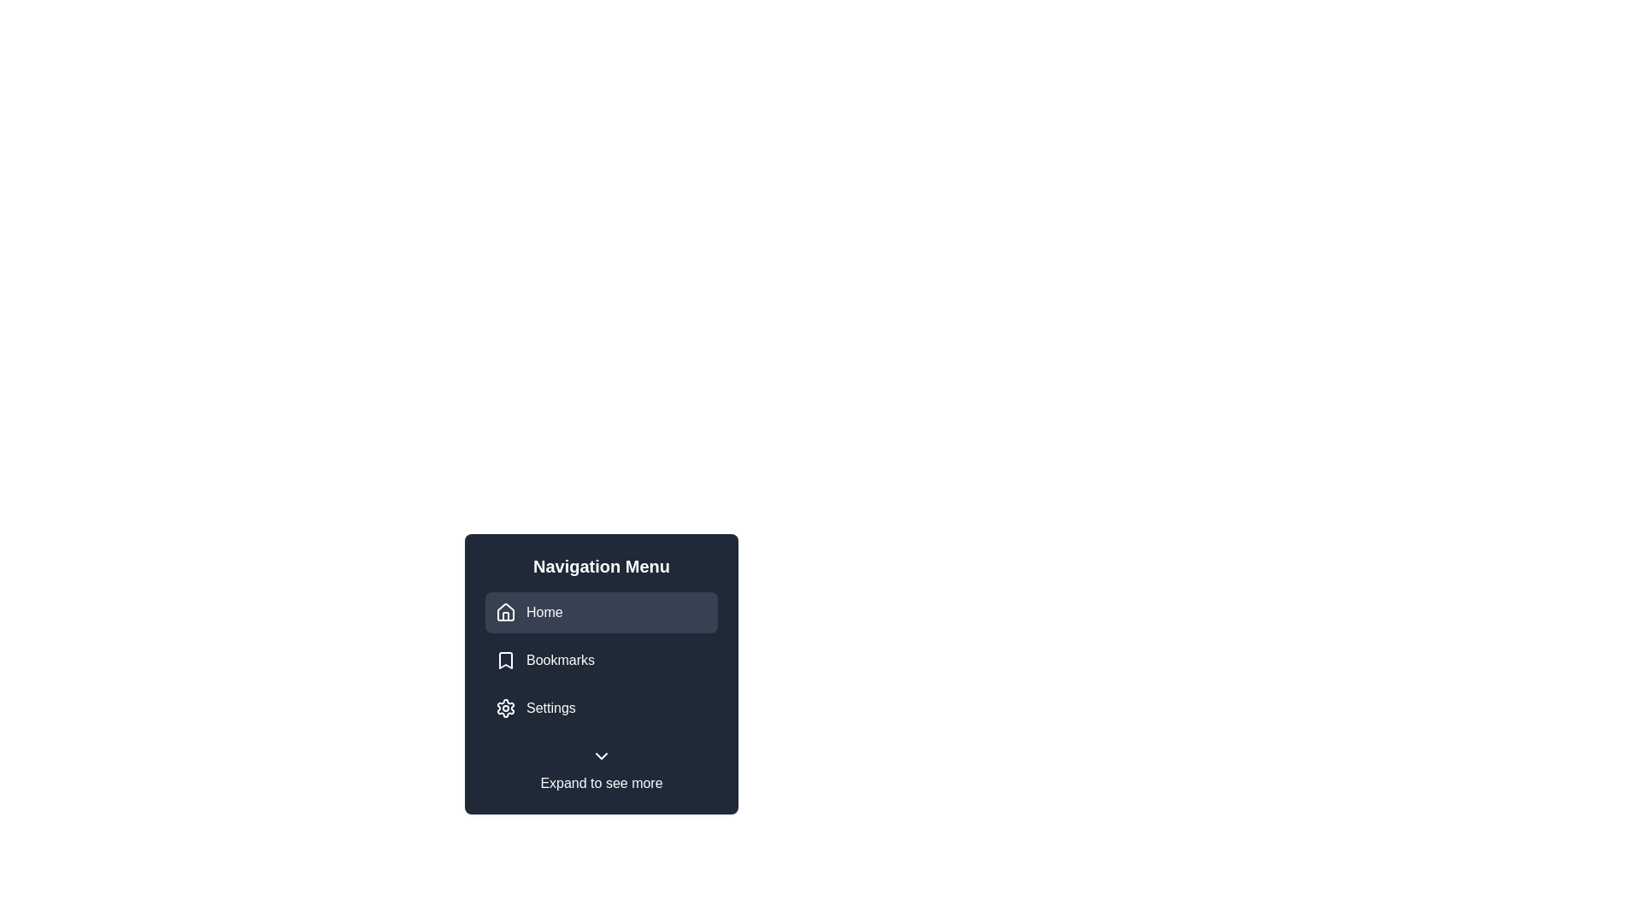 The height and width of the screenshot is (923, 1641). I want to click on the 'Bookmarks' text label, so click(561, 659).